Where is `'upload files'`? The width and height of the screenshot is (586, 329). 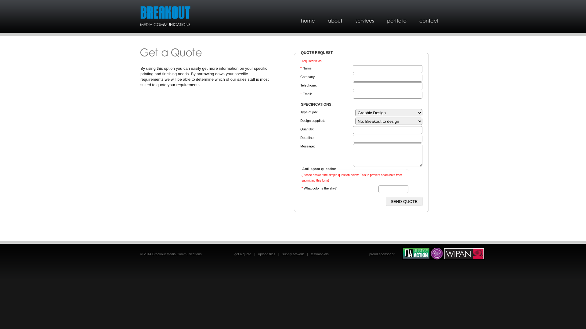 'upload files' is located at coordinates (266, 254).